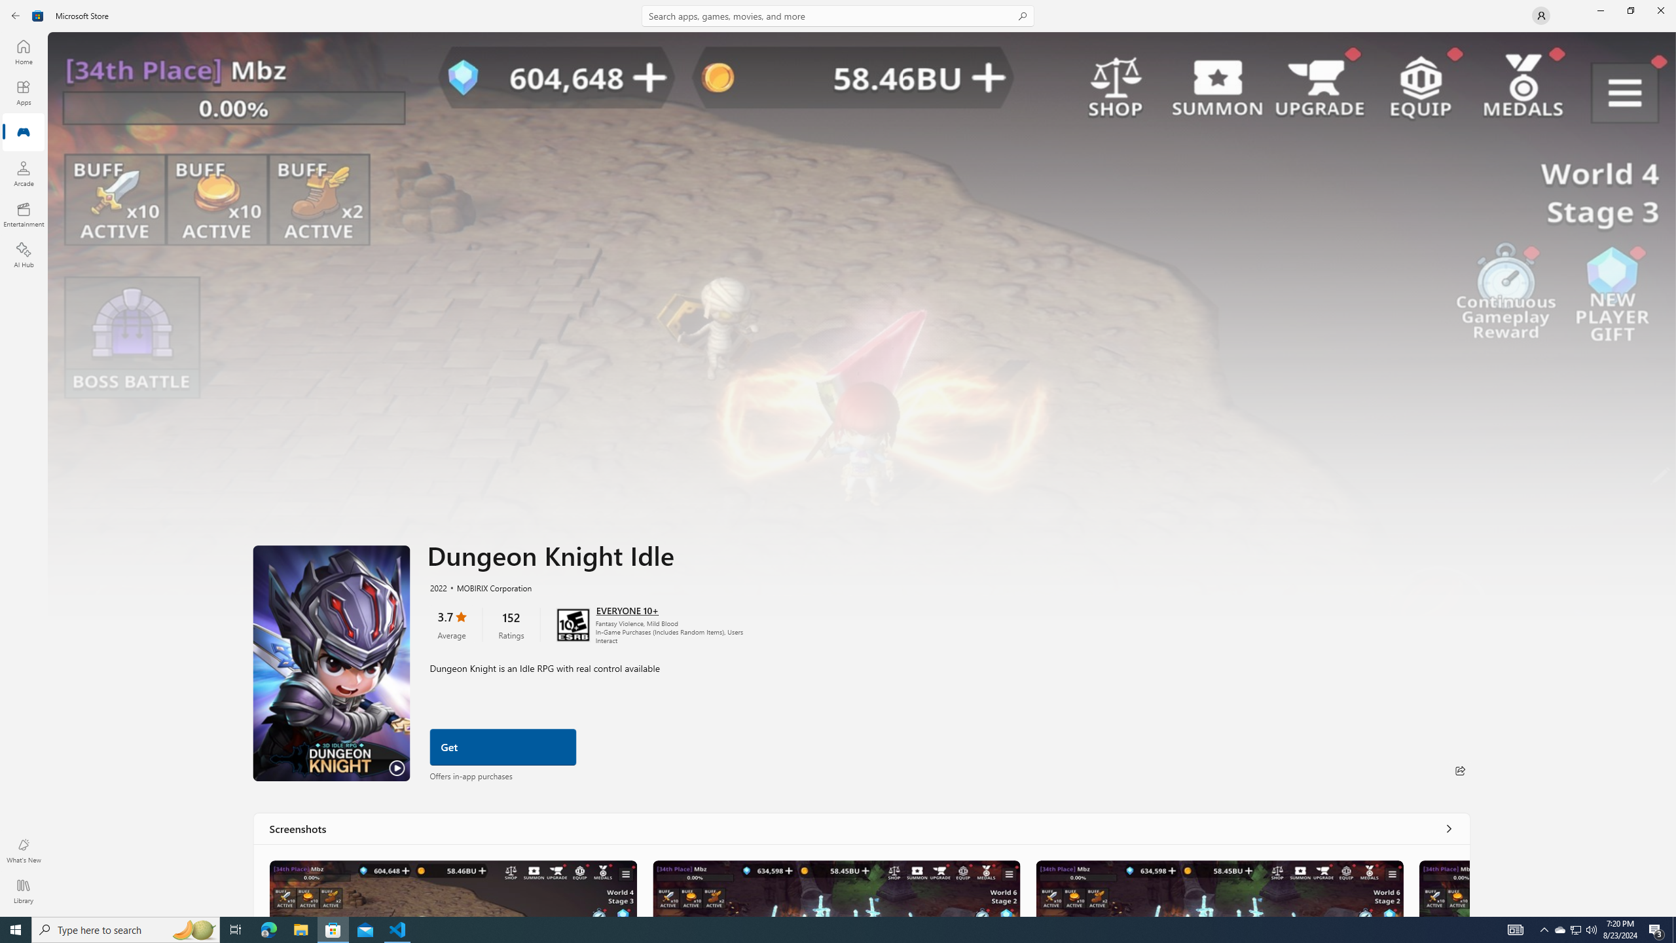  I want to click on 'Search', so click(838, 15).